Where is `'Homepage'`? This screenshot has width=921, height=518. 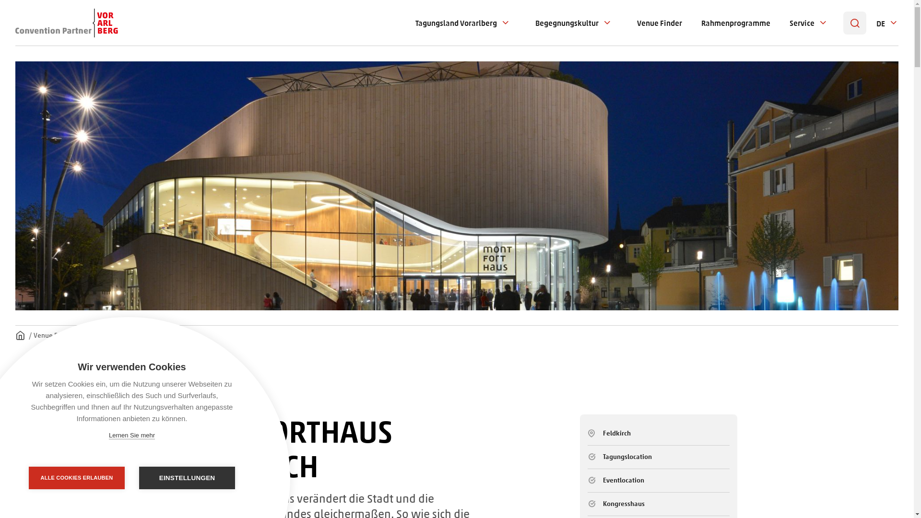 'Homepage' is located at coordinates (15, 335).